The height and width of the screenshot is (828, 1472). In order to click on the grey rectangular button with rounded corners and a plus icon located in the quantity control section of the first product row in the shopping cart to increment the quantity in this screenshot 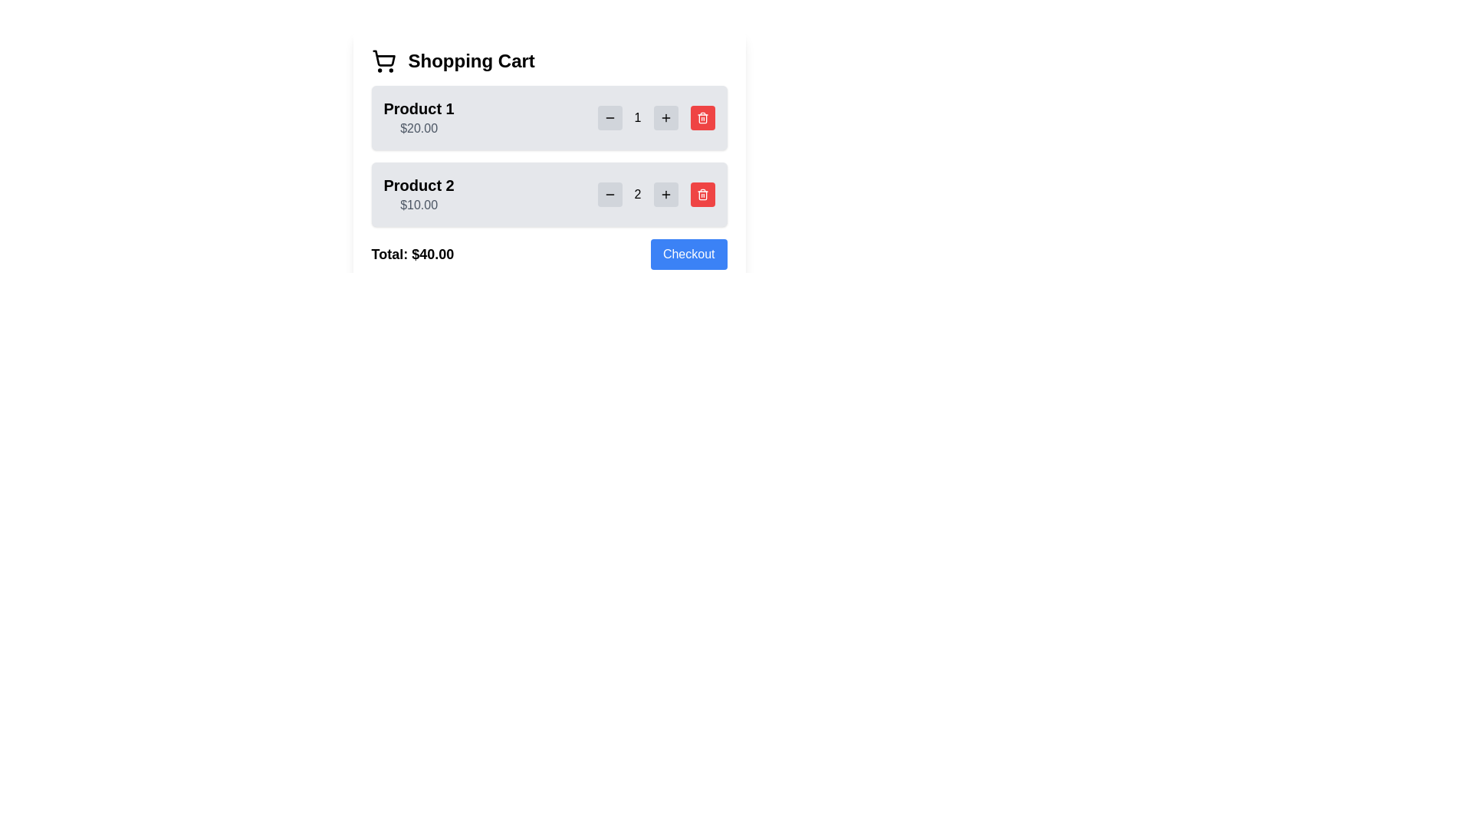, I will do `click(665, 117)`.